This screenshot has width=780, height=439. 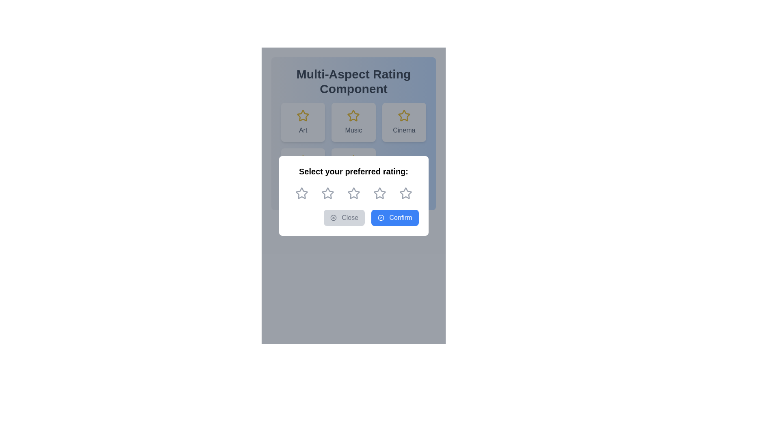 What do you see at coordinates (405, 193) in the screenshot?
I see `the fourth star button in the rating dialog` at bounding box center [405, 193].